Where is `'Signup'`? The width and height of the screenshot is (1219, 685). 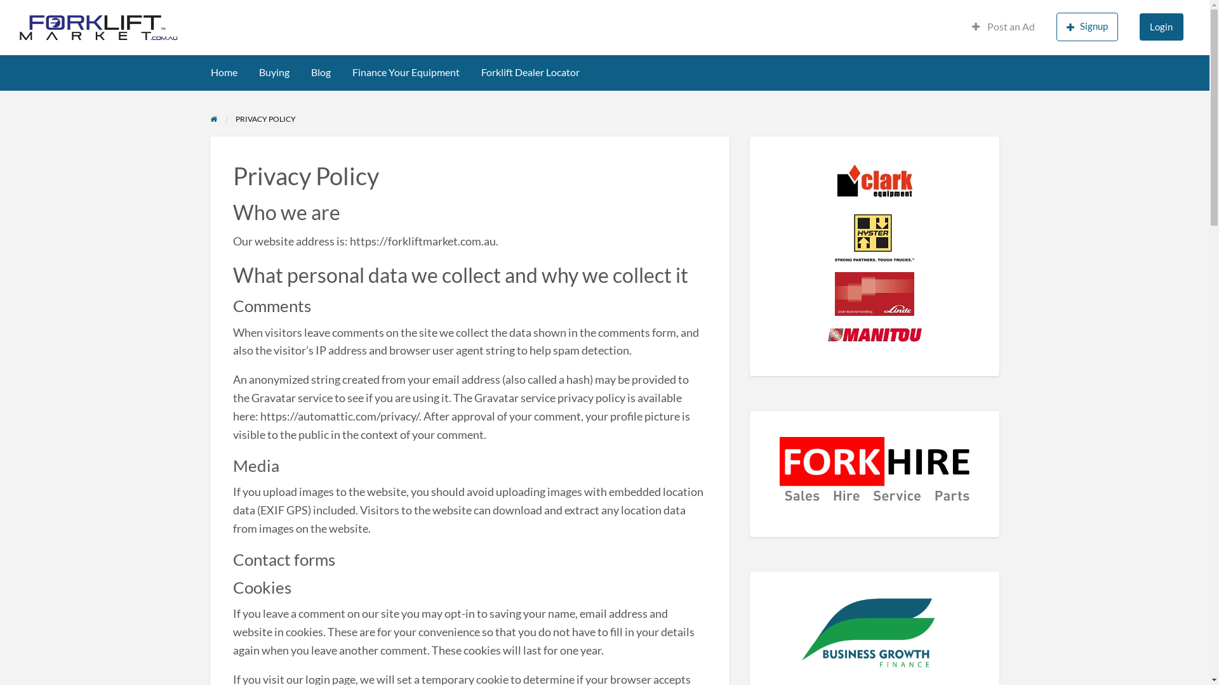 'Signup' is located at coordinates (1086, 27).